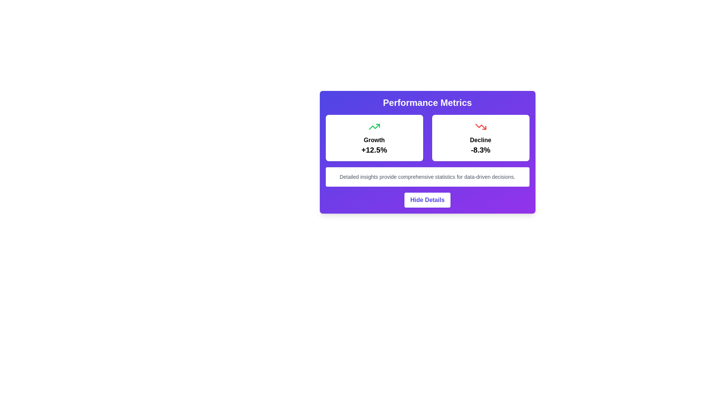 This screenshot has width=719, height=404. Describe the element at coordinates (427, 200) in the screenshot. I see `the 'Hide Details' button, which is a rectangular button with a white background and indigo text, located centrally at the bottom of the 'Performance Metrics' card` at that location.